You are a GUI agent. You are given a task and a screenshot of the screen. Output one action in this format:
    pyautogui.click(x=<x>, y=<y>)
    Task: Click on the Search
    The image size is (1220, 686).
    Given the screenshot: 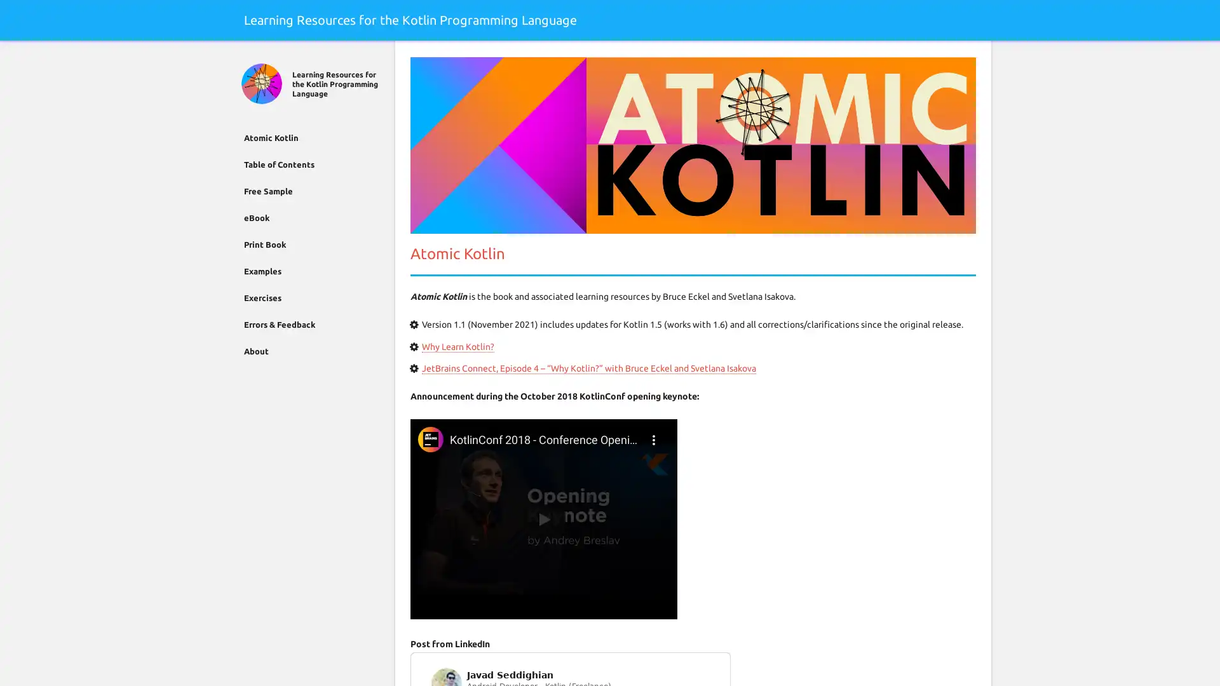 What is the action you would take?
    pyautogui.click(x=970, y=55)
    